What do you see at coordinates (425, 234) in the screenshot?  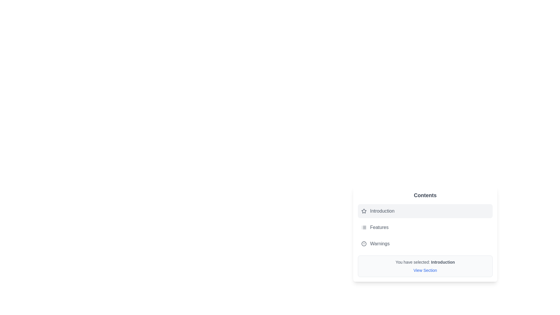 I see `an option within the composite UI component for navigation, which includes sections like 'Introduction', 'Features', and 'Warnings'` at bounding box center [425, 234].